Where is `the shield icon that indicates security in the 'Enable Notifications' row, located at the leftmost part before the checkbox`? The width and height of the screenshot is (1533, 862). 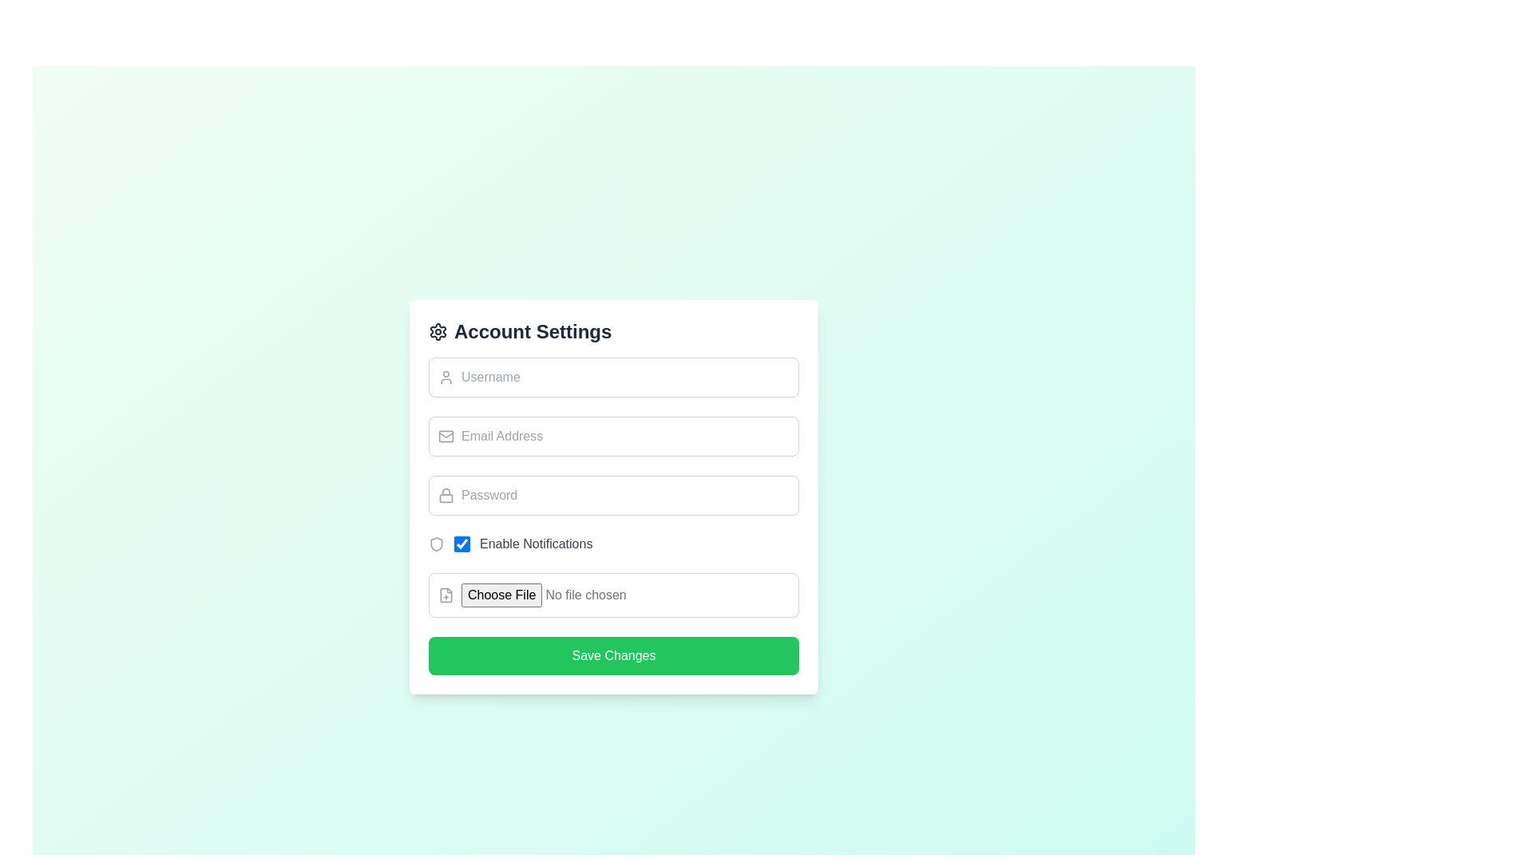 the shield icon that indicates security in the 'Enable Notifications' row, located at the leftmost part before the checkbox is located at coordinates (437, 544).